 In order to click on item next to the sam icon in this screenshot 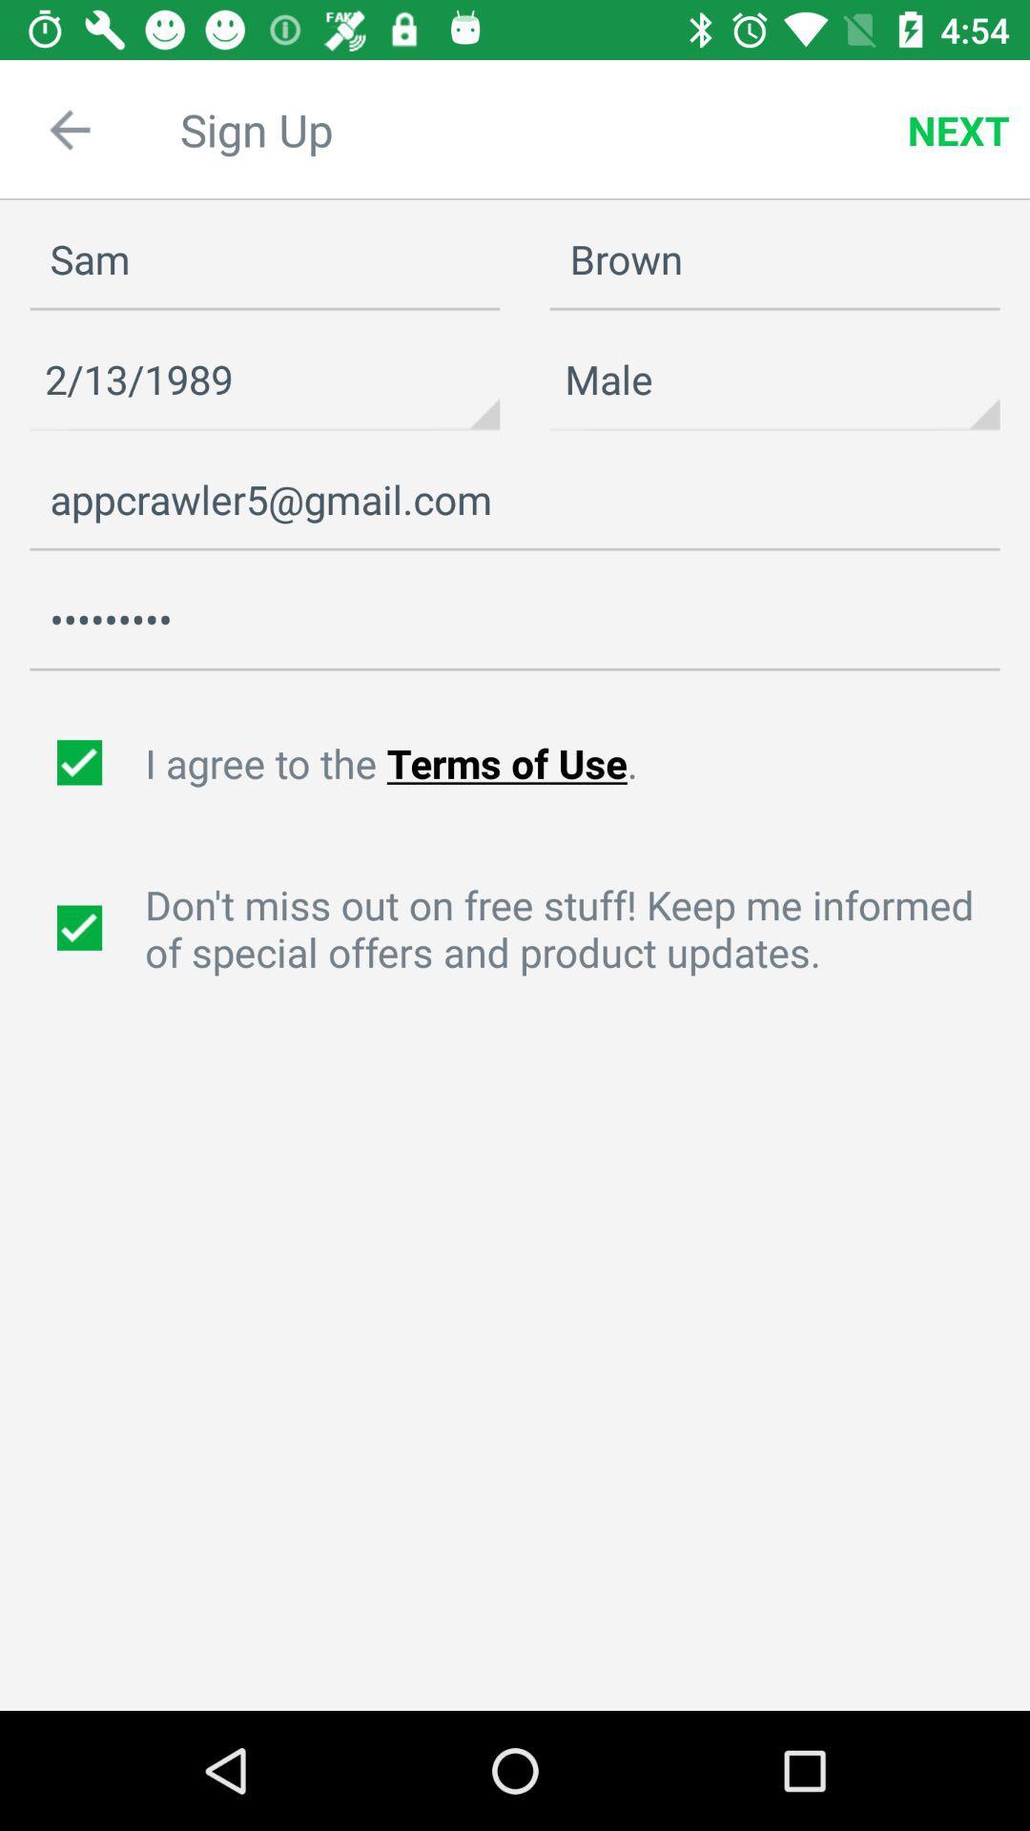, I will do `click(774, 380)`.